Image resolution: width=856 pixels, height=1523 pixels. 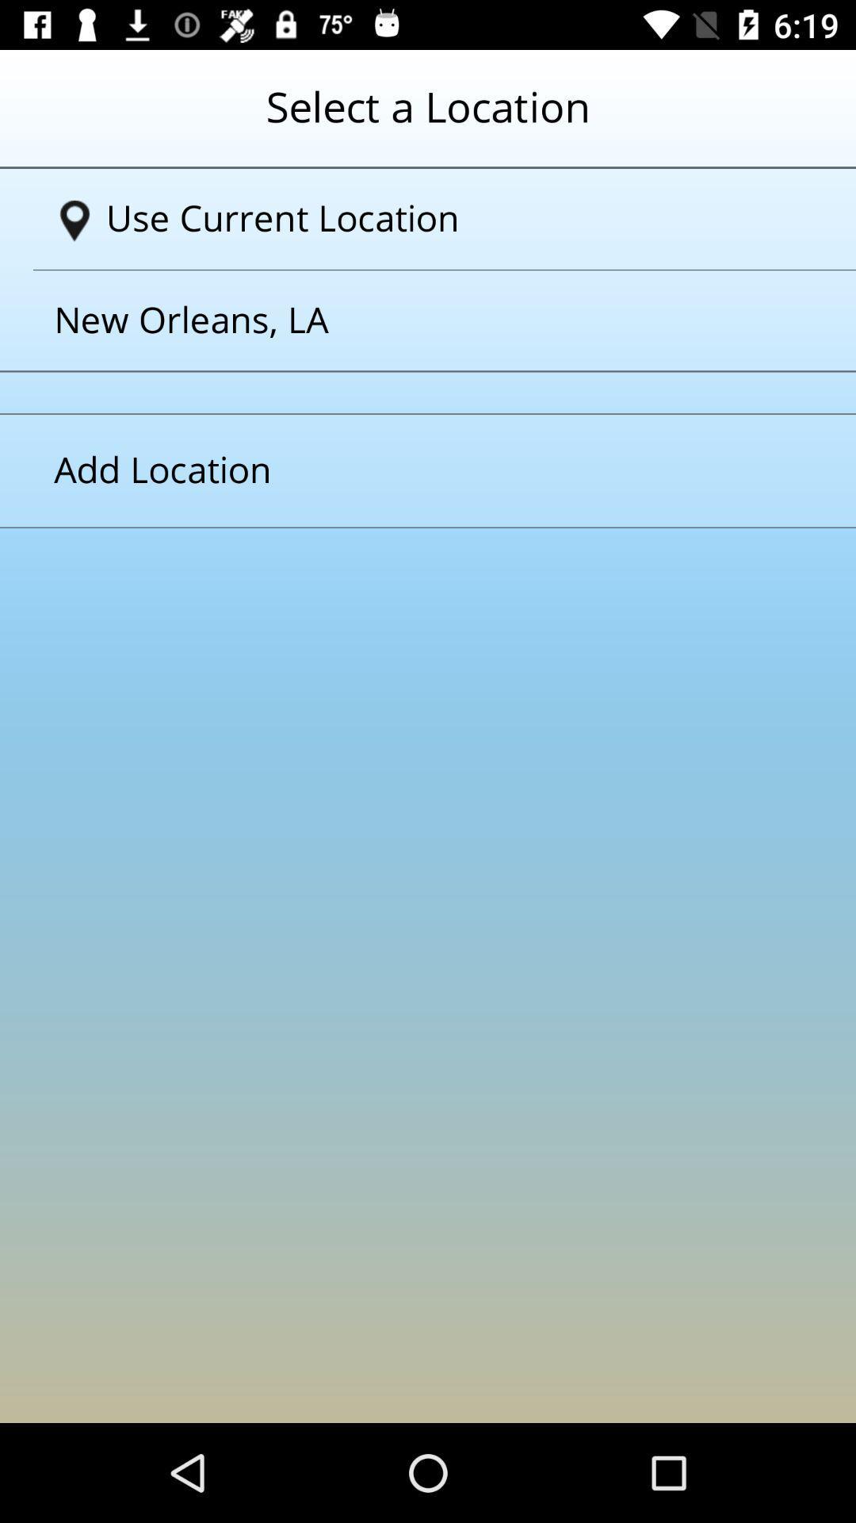 What do you see at coordinates (434, 218) in the screenshot?
I see `use current location` at bounding box center [434, 218].